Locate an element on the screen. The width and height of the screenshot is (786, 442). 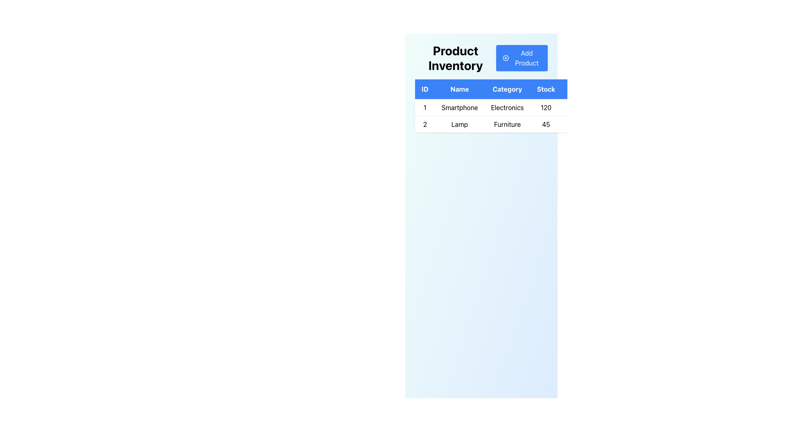
the 'Smartphone' text label located in the first row, second column of the table under the 'Name' column is located at coordinates (460, 107).